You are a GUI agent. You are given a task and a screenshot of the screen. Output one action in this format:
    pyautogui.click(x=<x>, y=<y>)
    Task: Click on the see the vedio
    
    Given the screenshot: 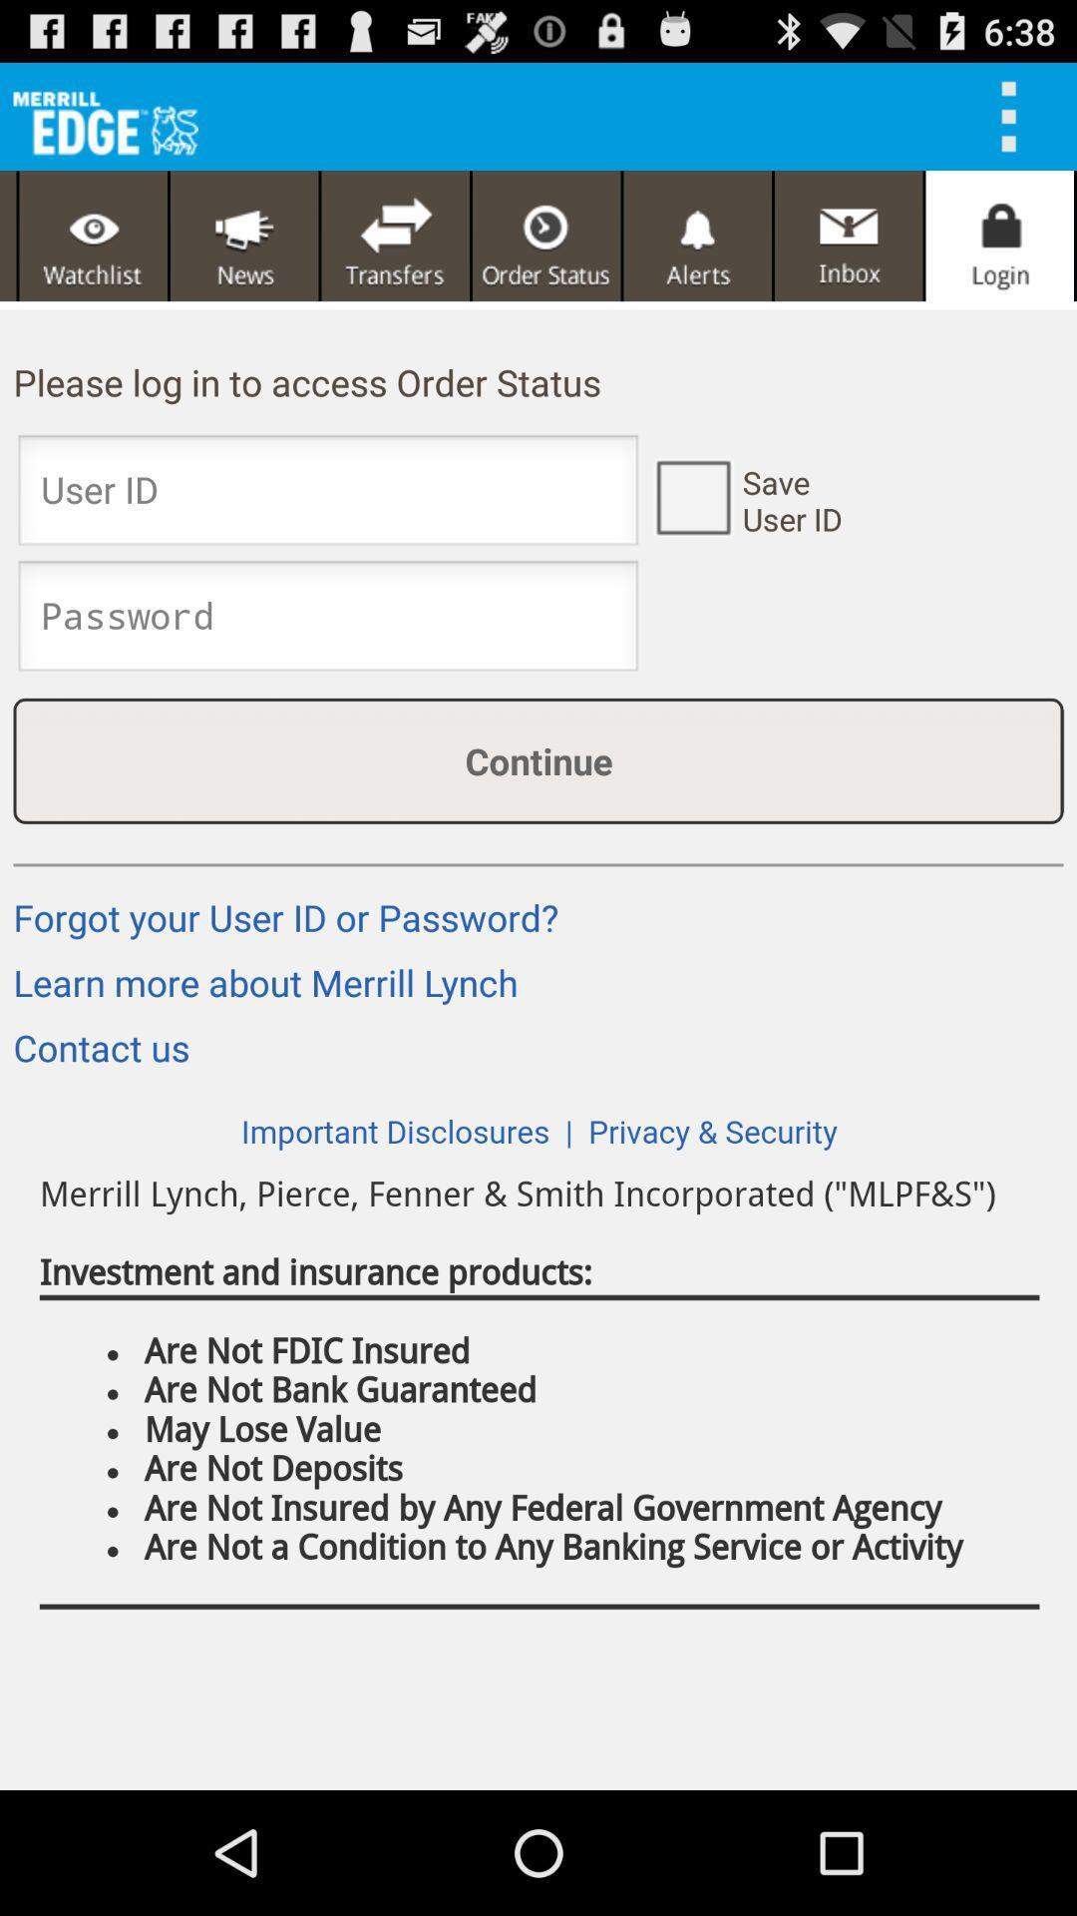 What is the action you would take?
    pyautogui.click(x=93, y=236)
    